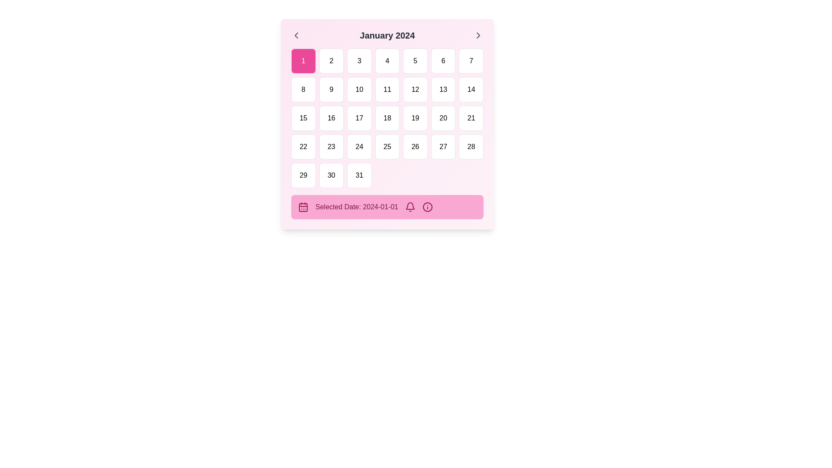 Image resolution: width=832 pixels, height=468 pixels. What do you see at coordinates (296, 35) in the screenshot?
I see `the backward navigation arrow located near the top-left of the calendar widget, adjacent to the 'January 2024' header` at bounding box center [296, 35].